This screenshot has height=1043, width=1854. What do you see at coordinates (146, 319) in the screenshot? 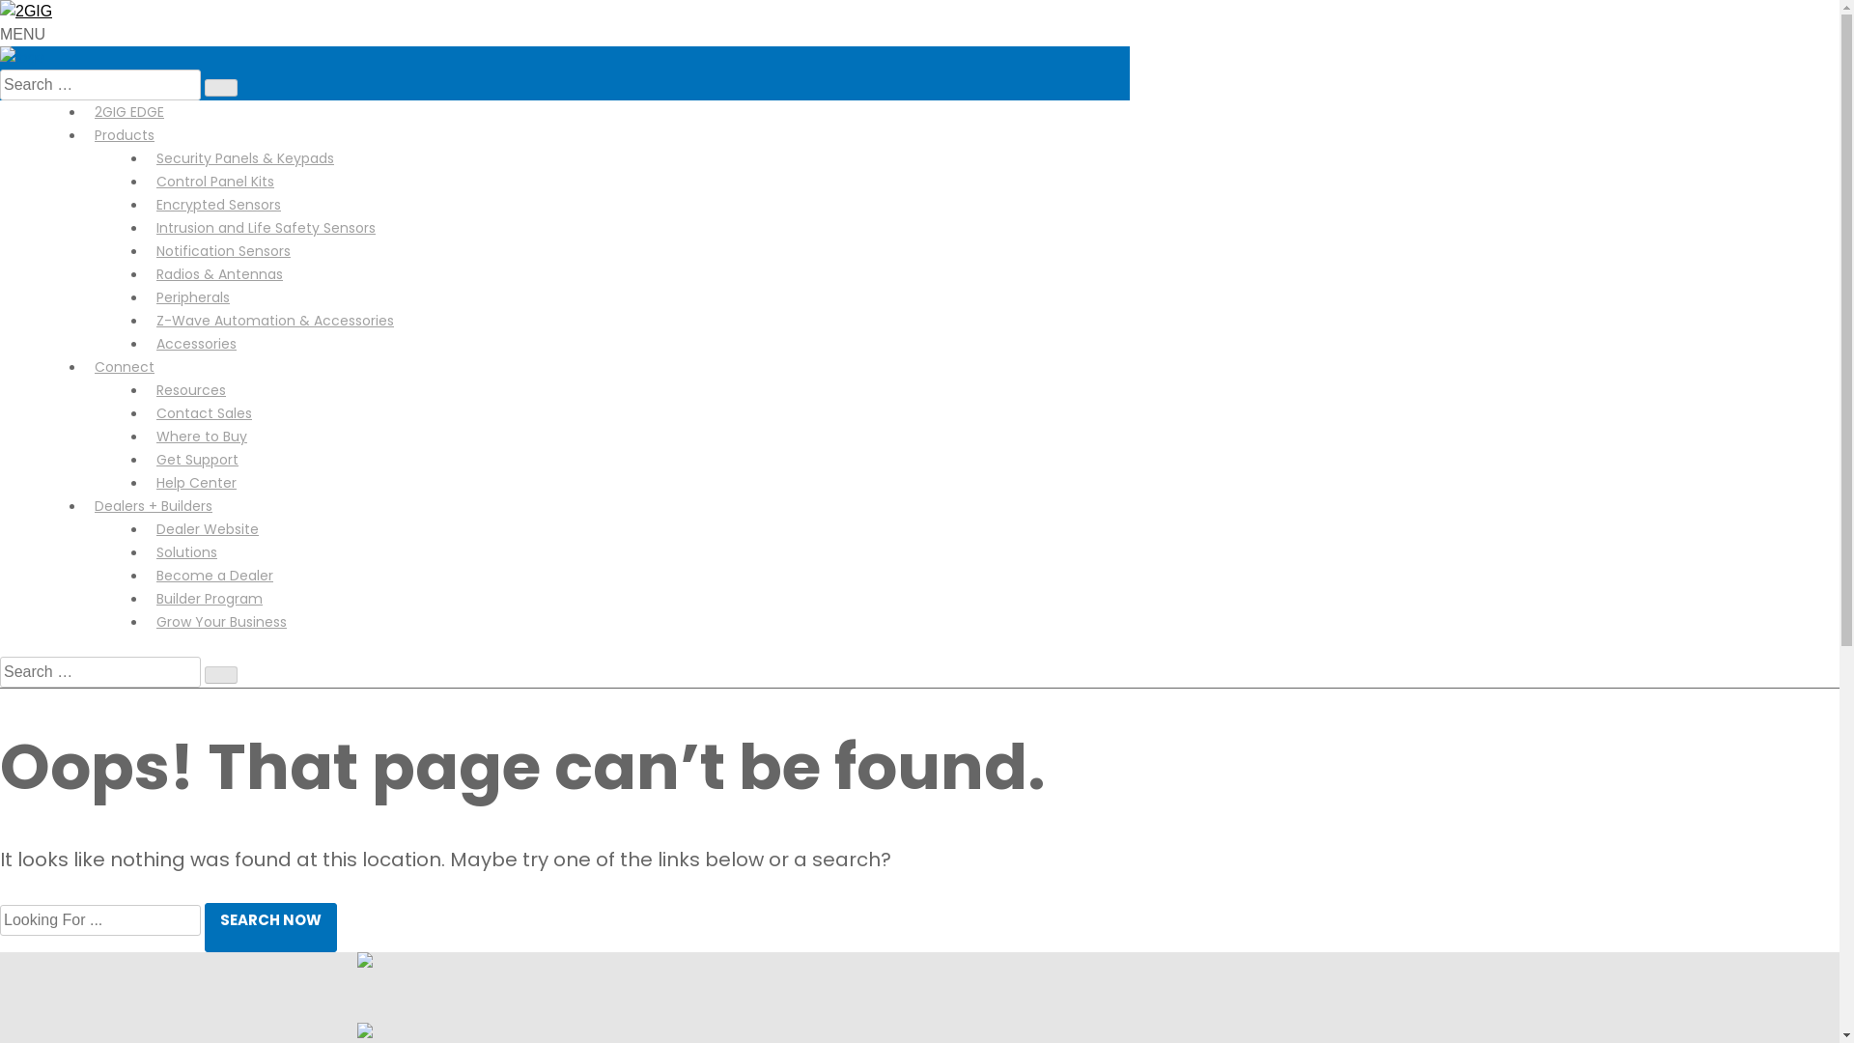
I see `'Z-Wave Automation & Accessories'` at bounding box center [146, 319].